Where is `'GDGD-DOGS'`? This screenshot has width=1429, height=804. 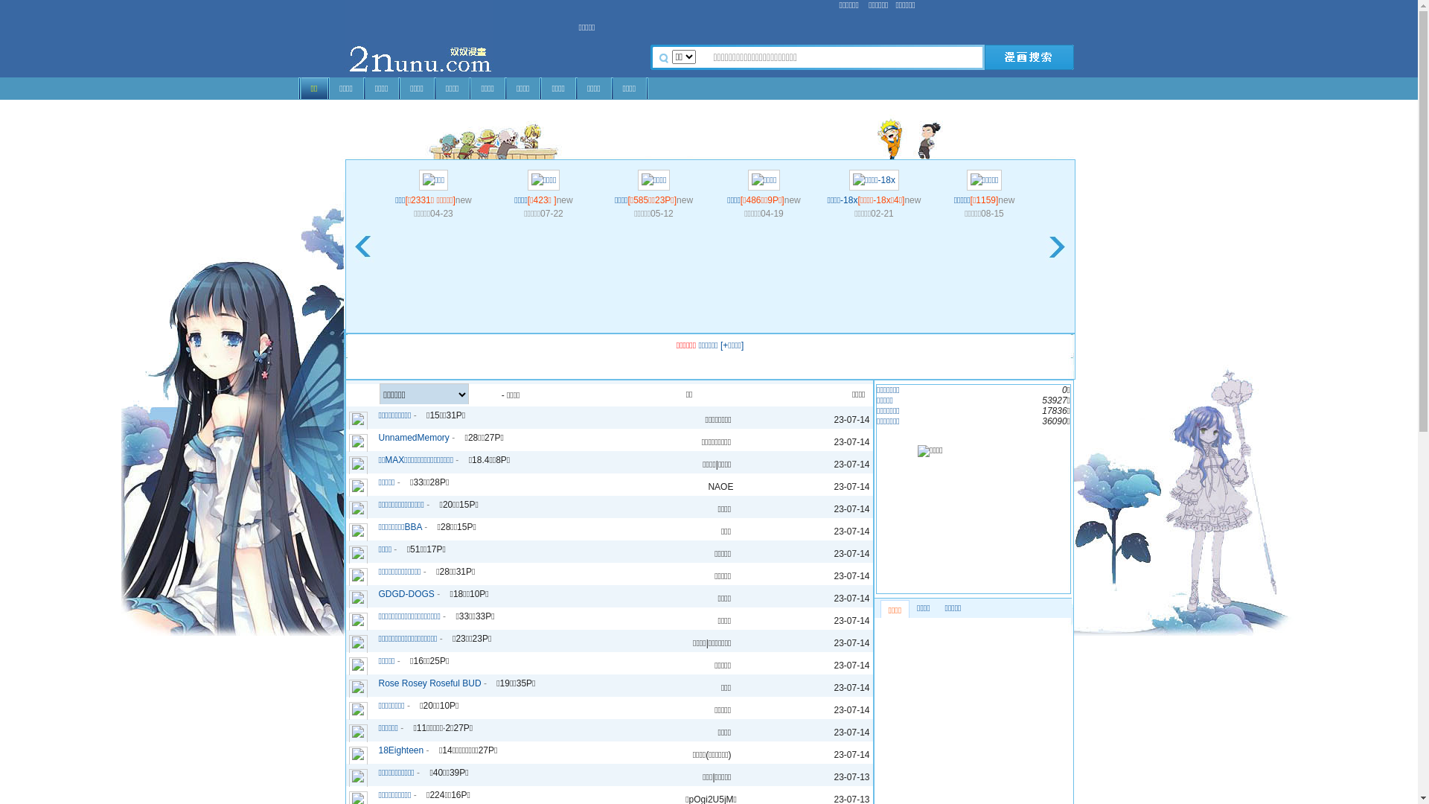
'GDGD-DOGS' is located at coordinates (406, 593).